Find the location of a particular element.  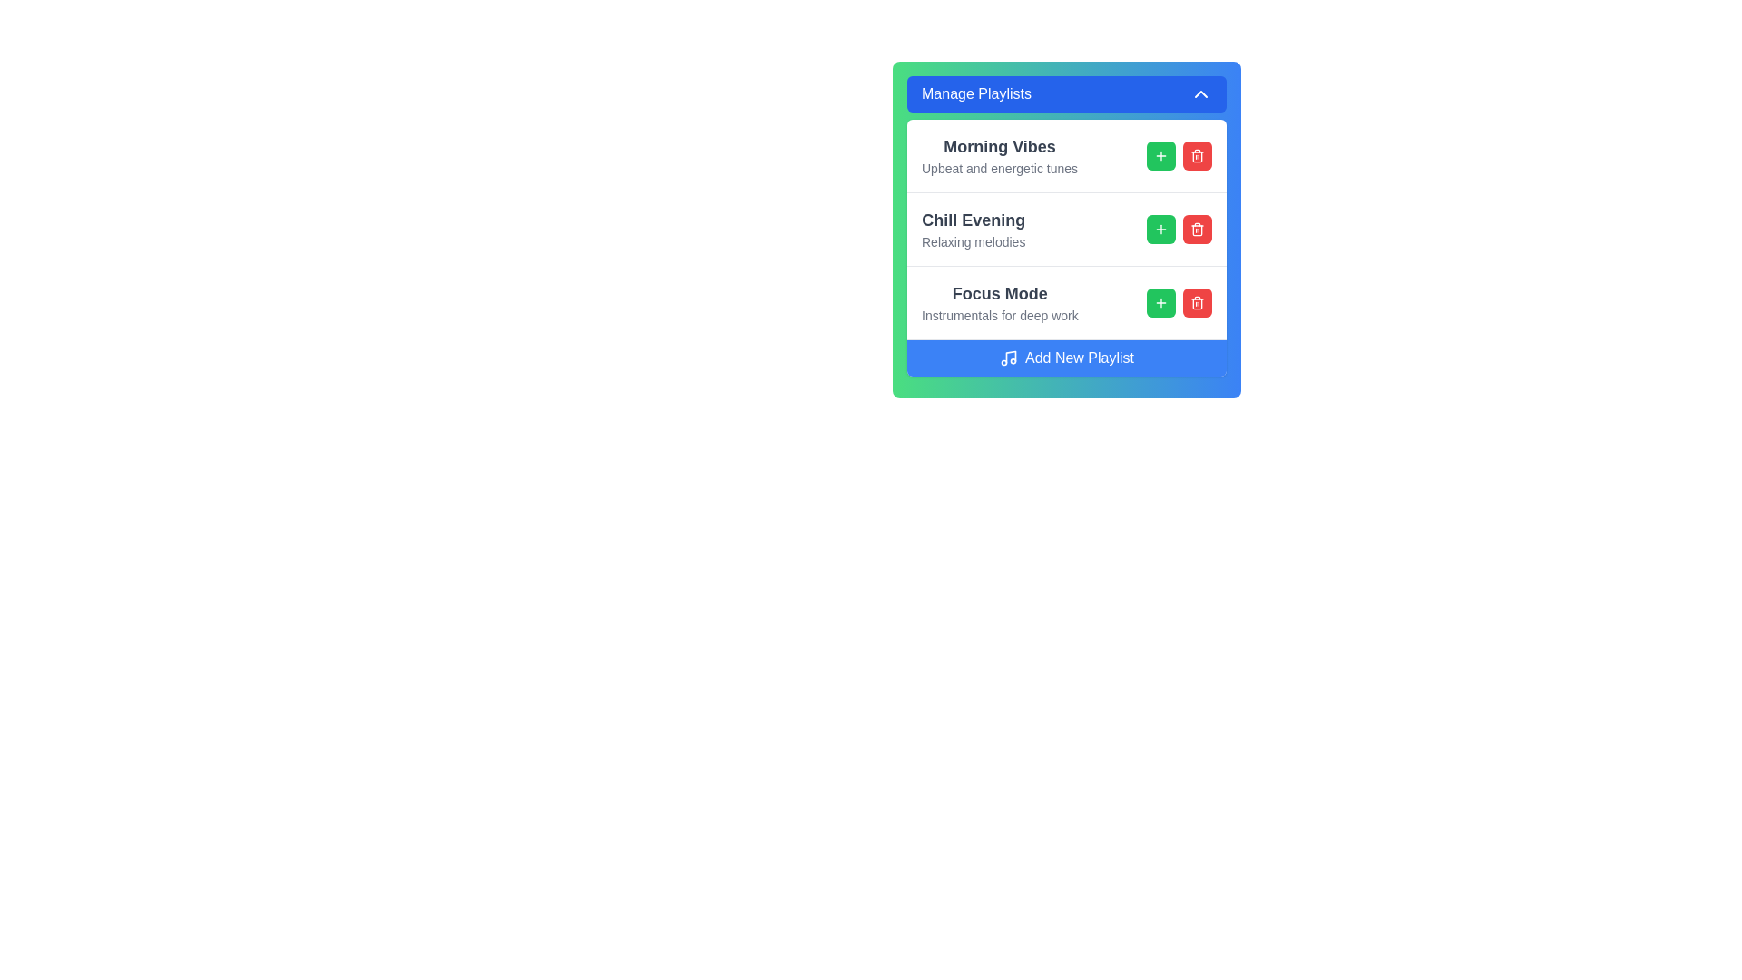

the plus button located at the right end of the 'Chill Evening' playlist row is located at coordinates (1179, 229).